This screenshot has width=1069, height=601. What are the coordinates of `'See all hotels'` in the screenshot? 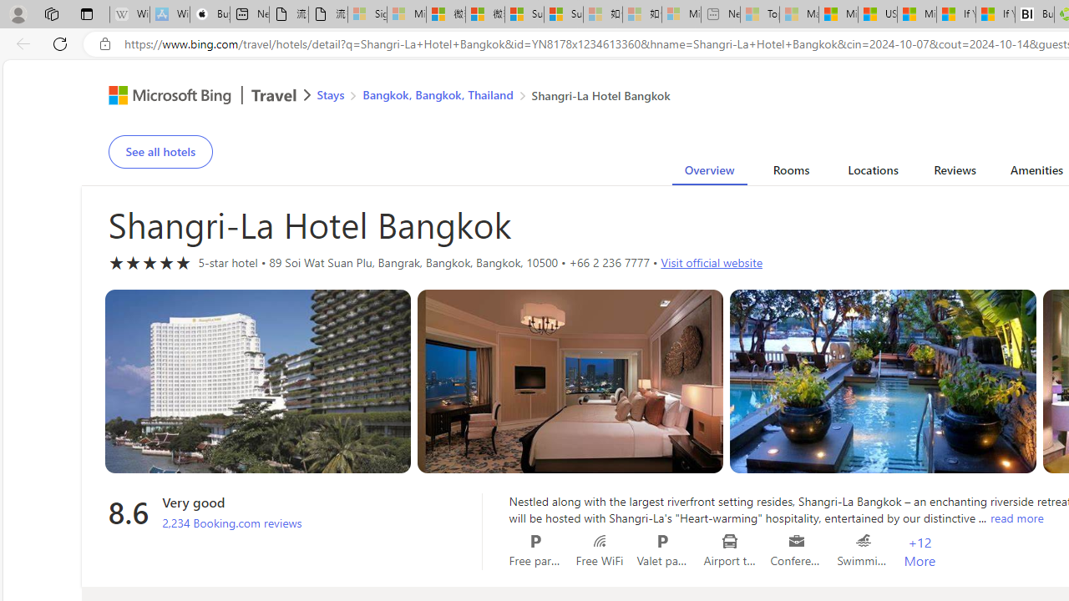 It's located at (160, 152).